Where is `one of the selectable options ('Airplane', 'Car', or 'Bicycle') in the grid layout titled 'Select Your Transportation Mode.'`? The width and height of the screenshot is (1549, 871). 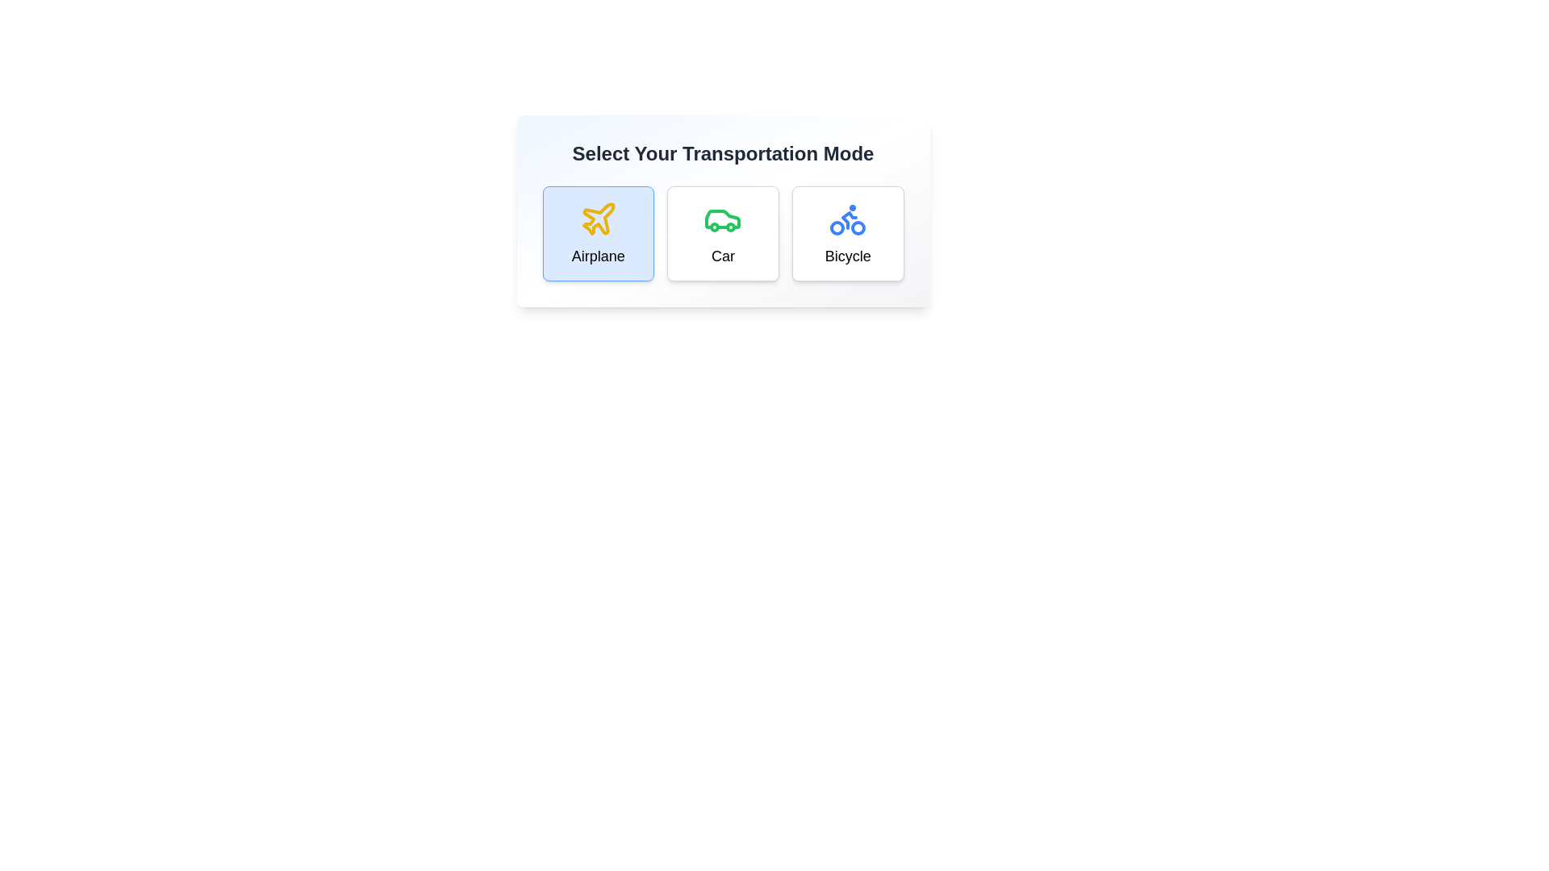
one of the selectable options ('Airplane', 'Car', or 'Bicycle') in the grid layout titled 'Select Your Transportation Mode.' is located at coordinates (722, 233).